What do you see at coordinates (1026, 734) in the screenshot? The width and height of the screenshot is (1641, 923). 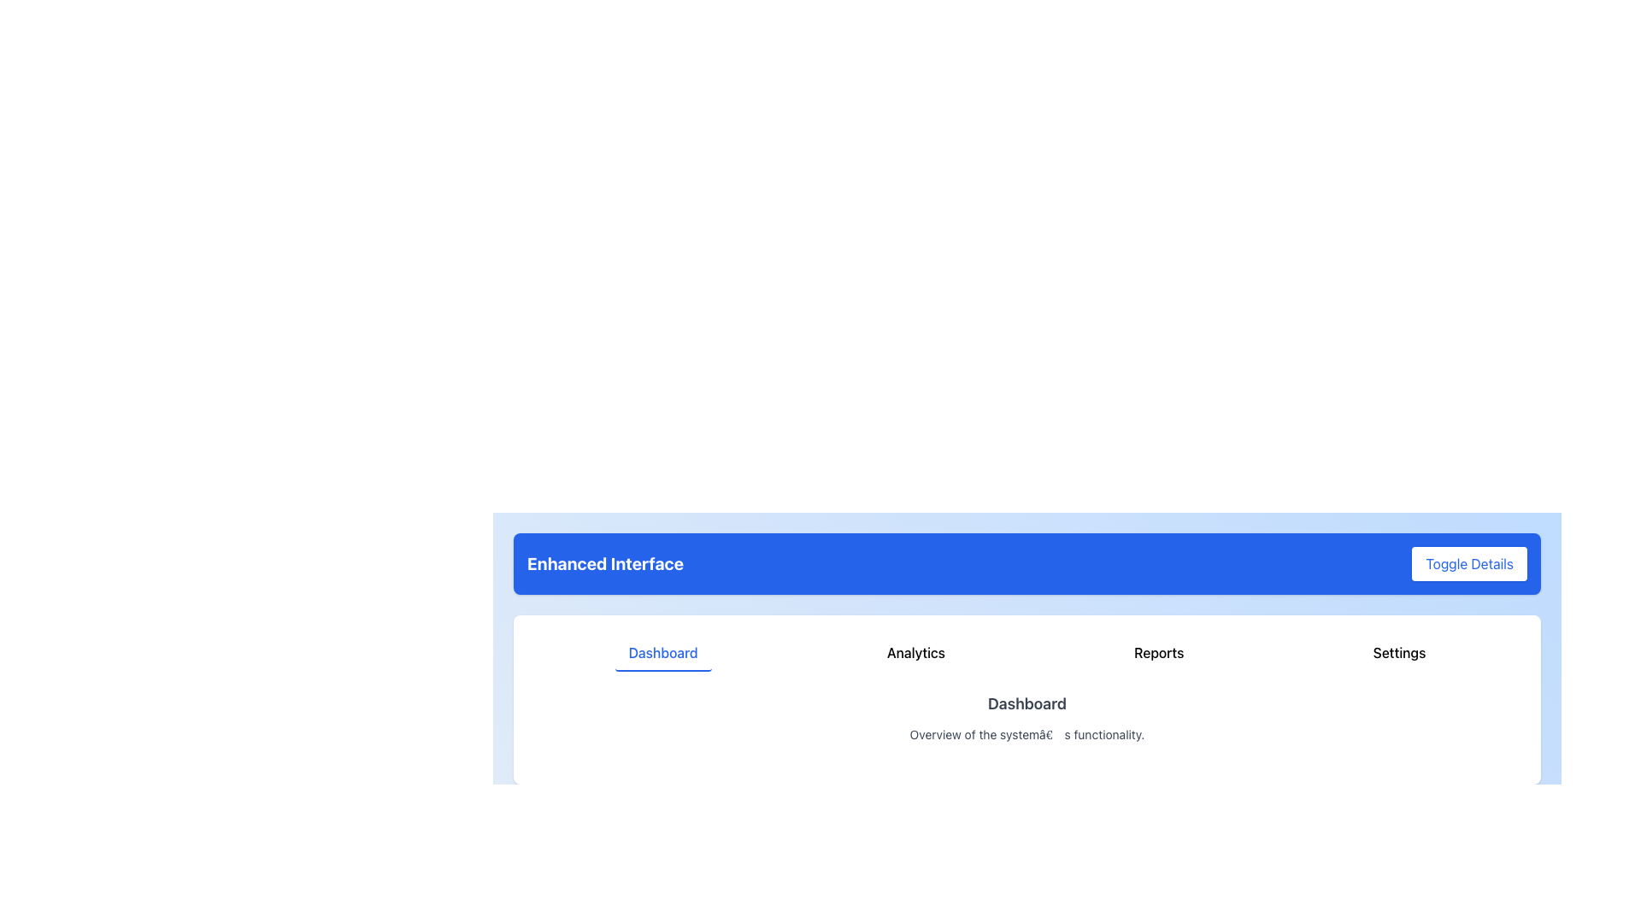 I see `the text label that reads 'Overview of the system’s functionality.' which is styled in gray and positioned below the 'Dashboard' heading` at bounding box center [1026, 734].